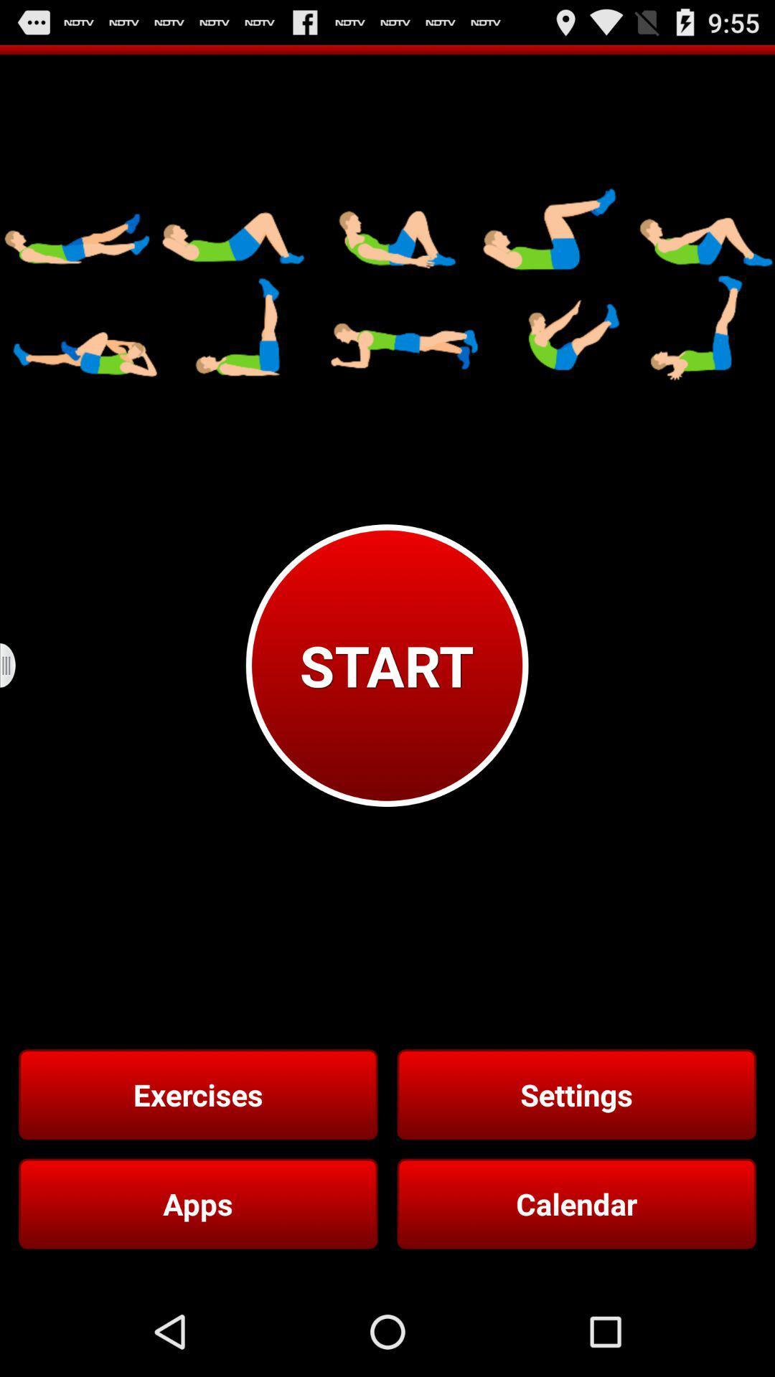 The height and width of the screenshot is (1377, 775). Describe the element at coordinates (198, 1203) in the screenshot. I see `the icon to the left of calendar item` at that location.